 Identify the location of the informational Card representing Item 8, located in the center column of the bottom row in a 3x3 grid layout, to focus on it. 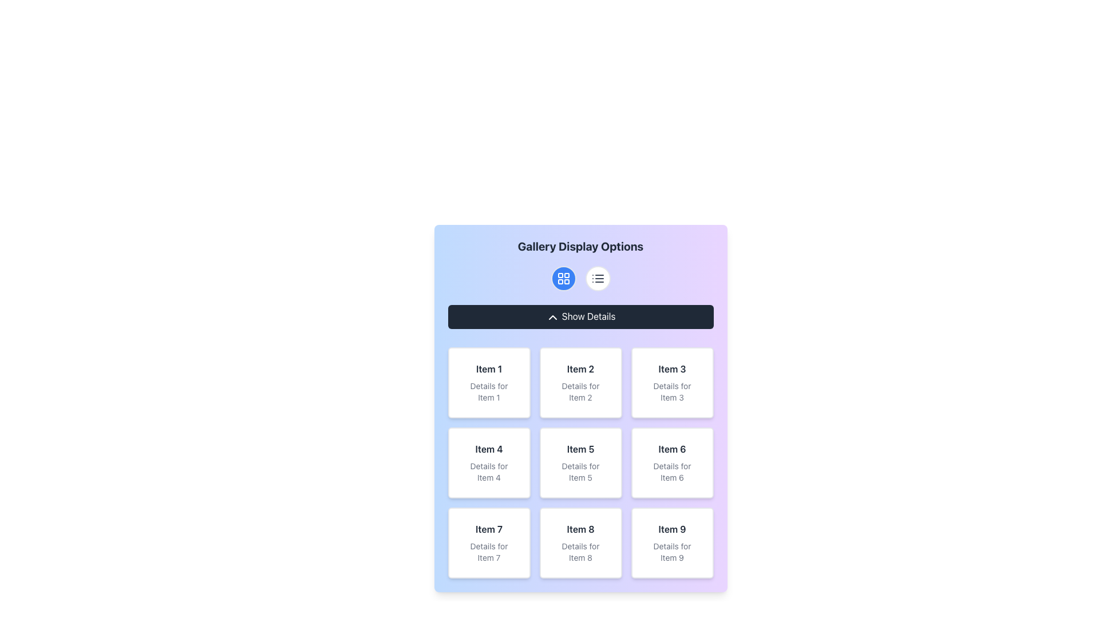
(580, 542).